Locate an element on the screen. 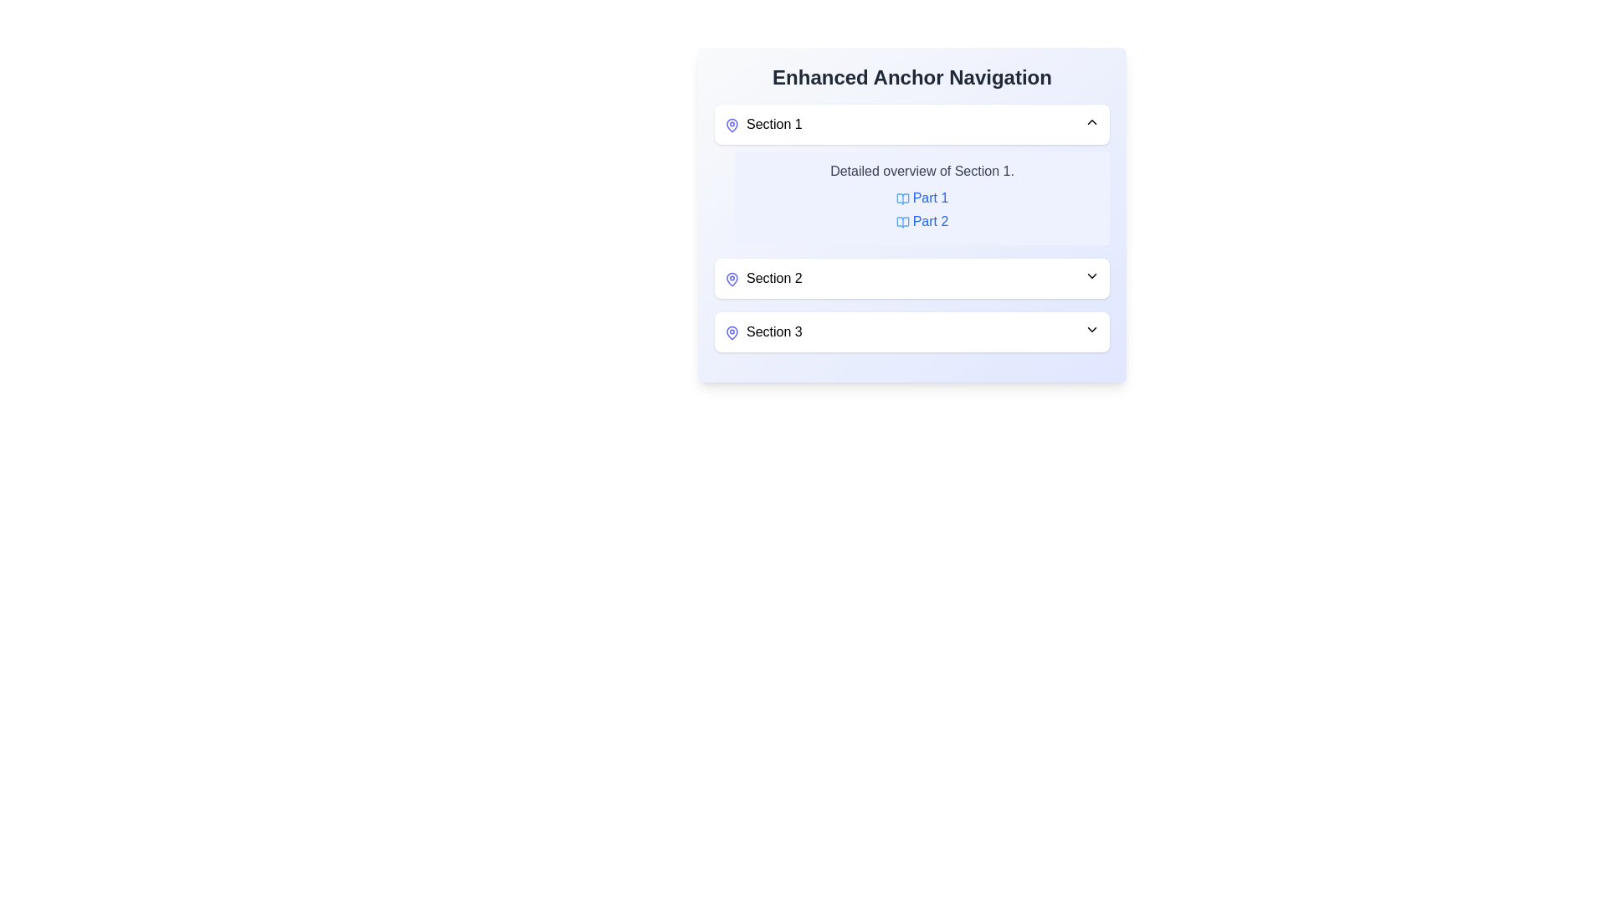 The height and width of the screenshot is (904, 1607). the hyperlinked text labeled 'Part 1' located under the 'Detailed overview of Section 1.' heading, which is positioned to the right of a blue book icon is located at coordinates (922, 197).